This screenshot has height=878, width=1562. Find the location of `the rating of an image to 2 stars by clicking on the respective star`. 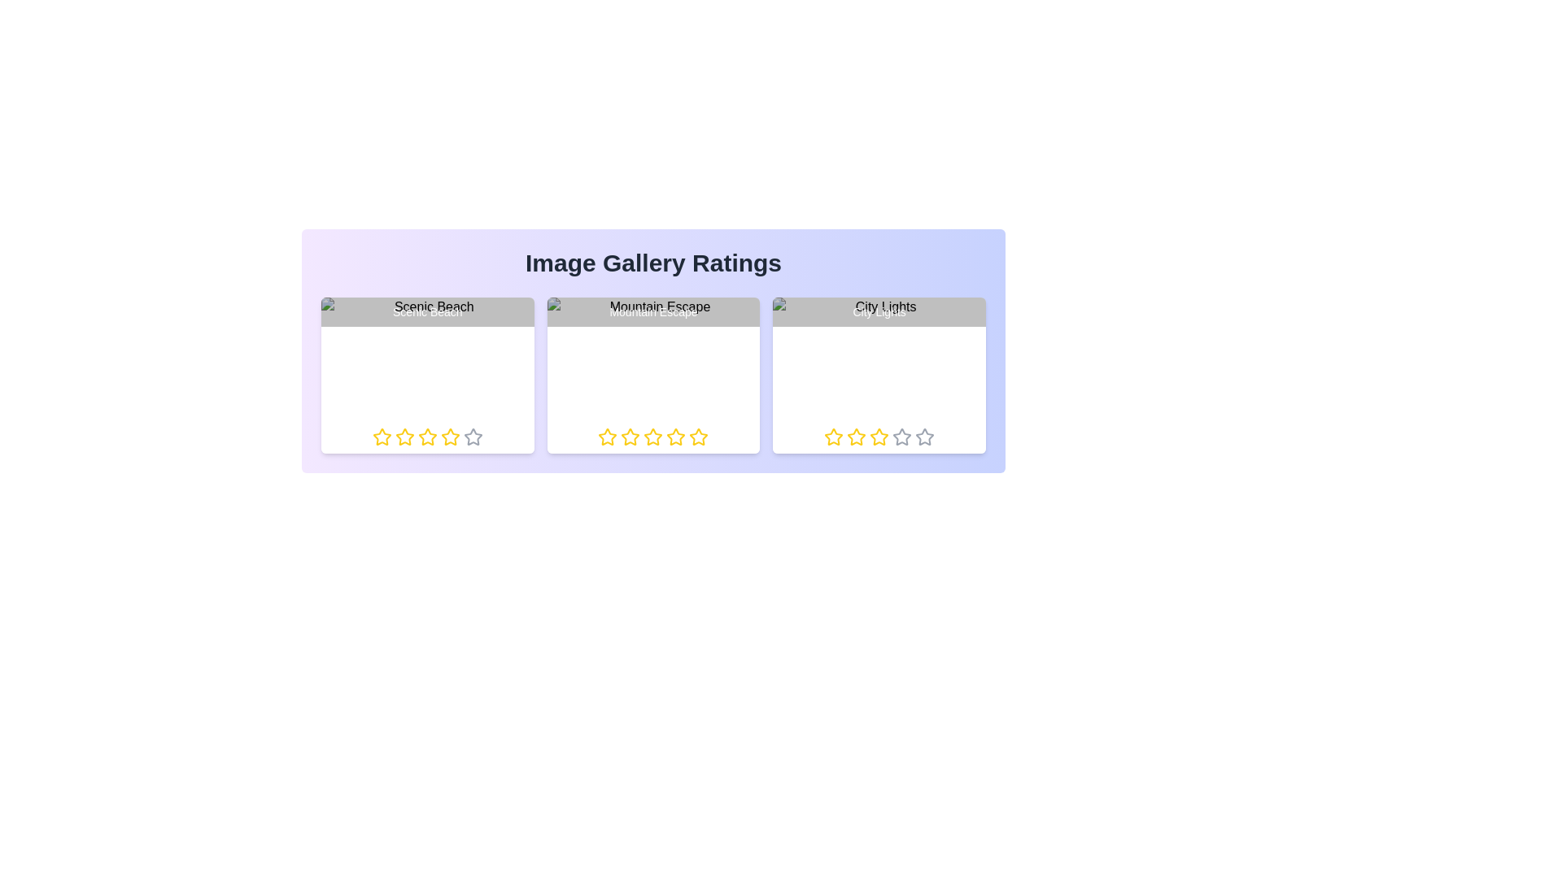

the rating of an image to 2 stars by clicking on the respective star is located at coordinates (404, 436).